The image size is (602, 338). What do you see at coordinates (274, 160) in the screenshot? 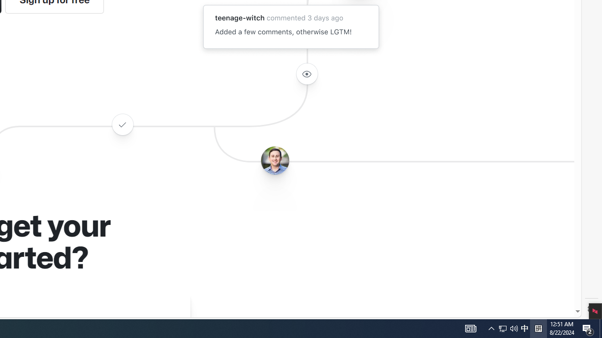
I see `'Avatar of the user benbalter'` at bounding box center [274, 160].